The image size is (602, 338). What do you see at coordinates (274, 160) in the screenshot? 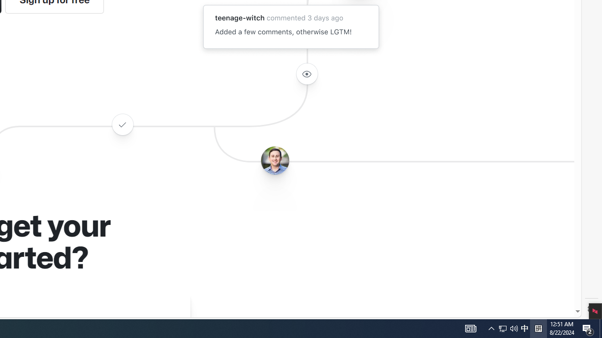
I see `'Avatar of the user benbalter'` at bounding box center [274, 160].